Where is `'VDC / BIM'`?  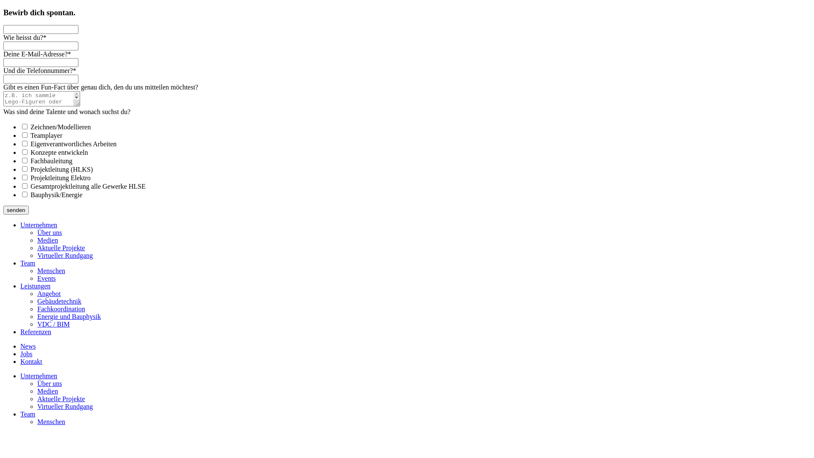
'VDC / BIM' is located at coordinates (36, 324).